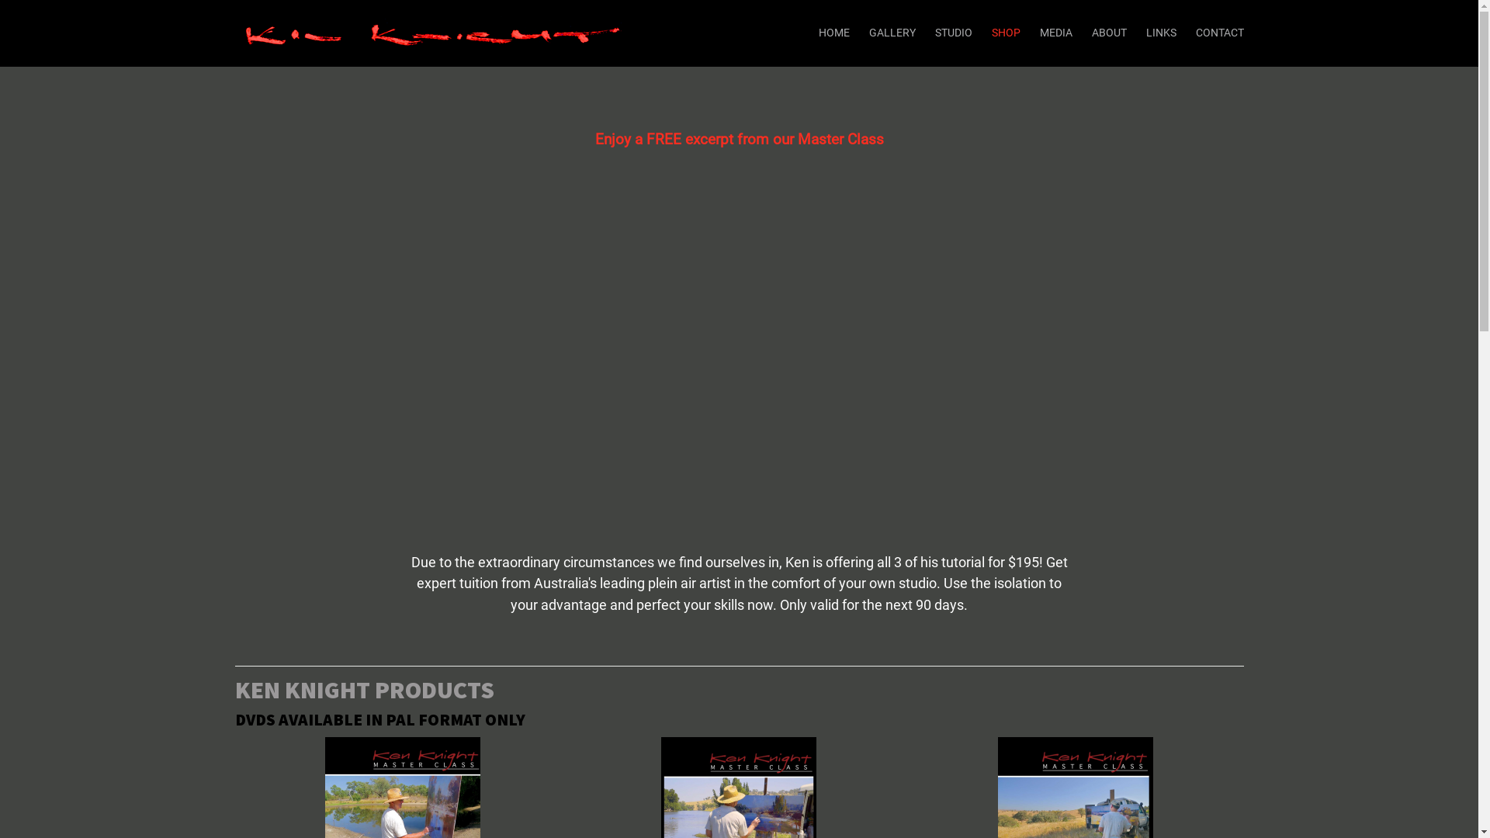 The width and height of the screenshot is (1490, 838). I want to click on 'CONTACT', so click(1194, 33).